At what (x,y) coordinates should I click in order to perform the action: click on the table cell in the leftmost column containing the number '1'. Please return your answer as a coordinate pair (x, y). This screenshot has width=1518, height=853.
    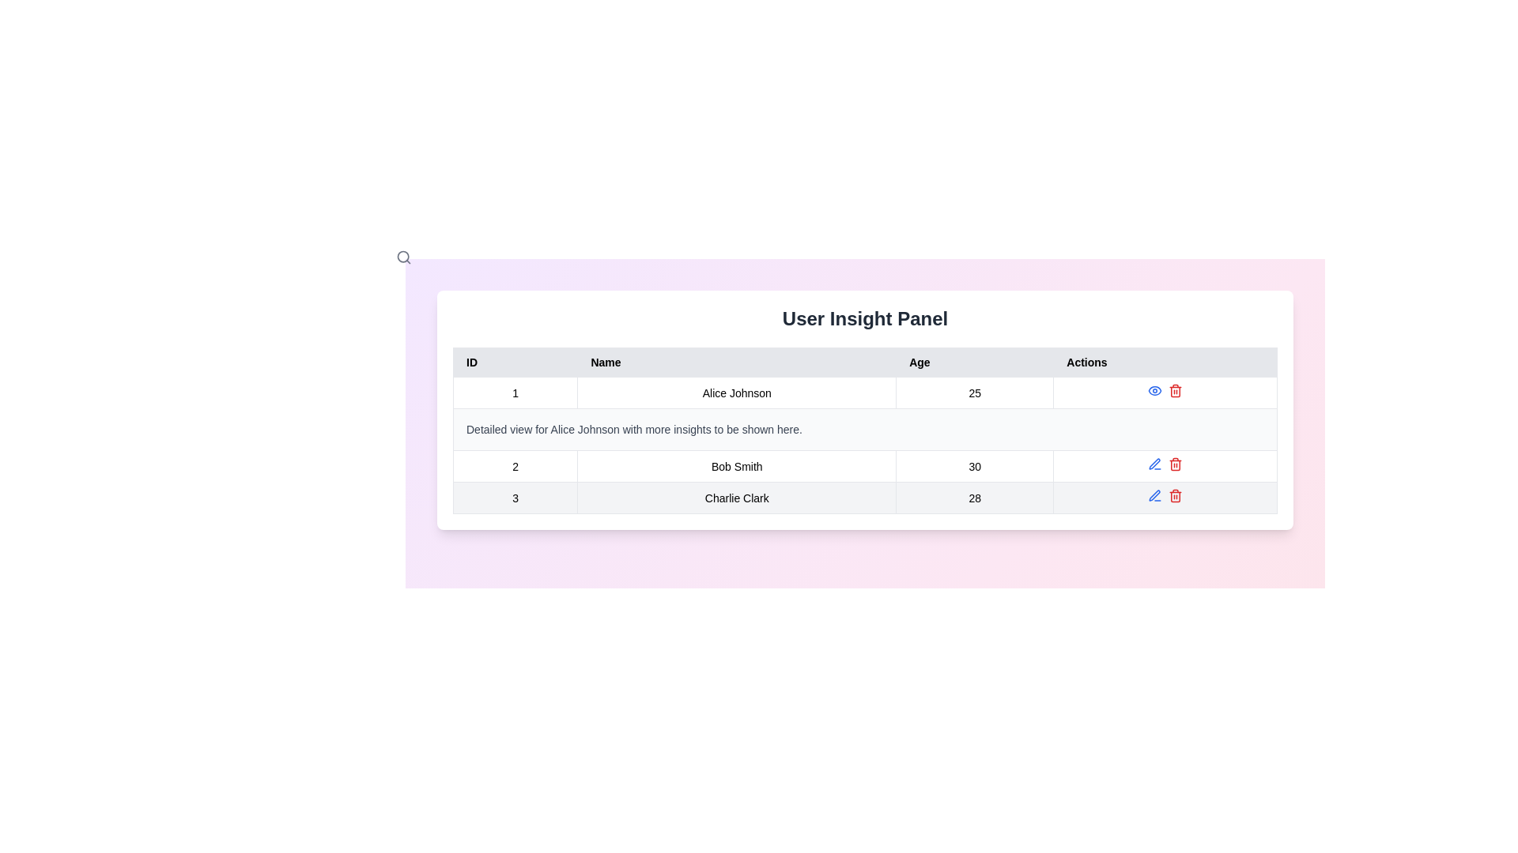
    Looking at the image, I should click on (515, 392).